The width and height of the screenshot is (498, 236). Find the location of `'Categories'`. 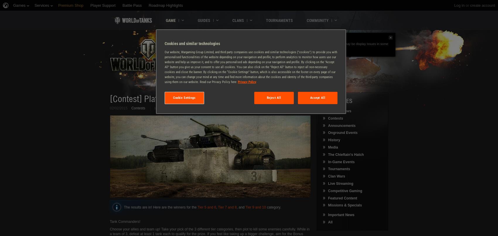

'Categories' is located at coordinates (337, 101).